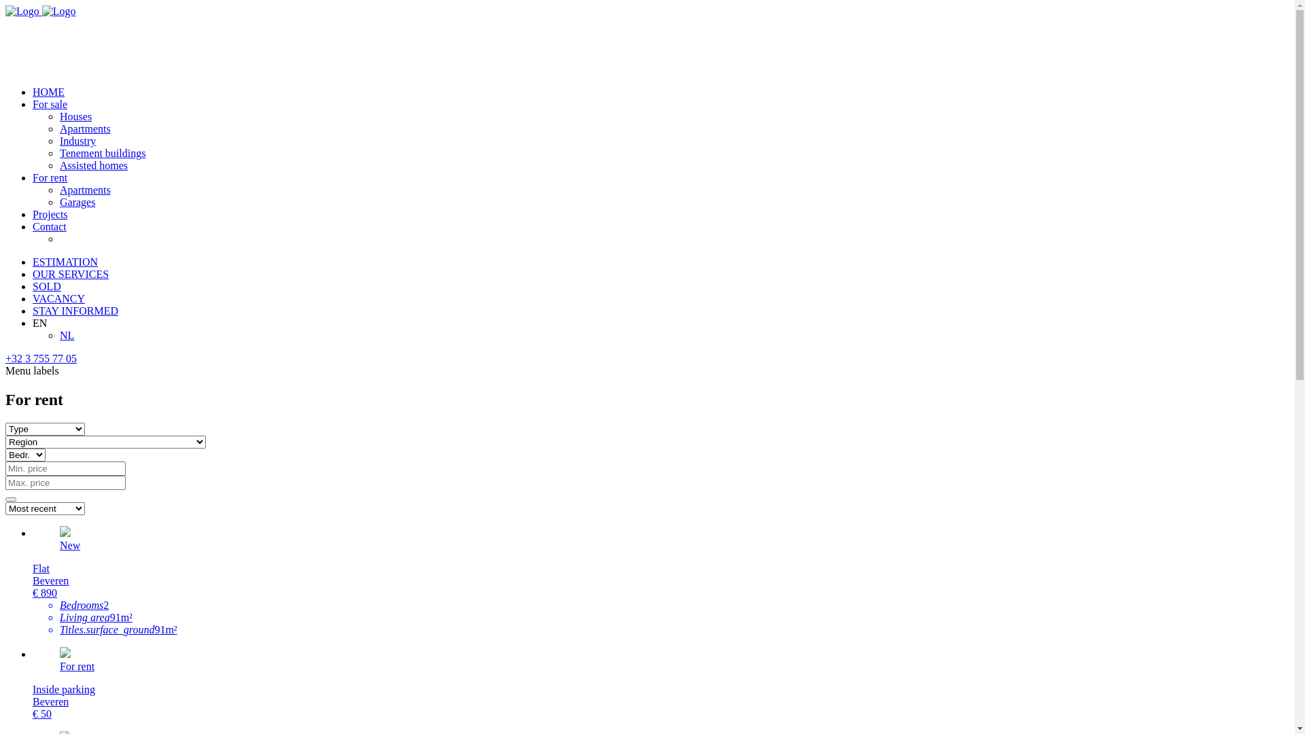 The image size is (1305, 734). What do you see at coordinates (93, 164) in the screenshot?
I see `'Assisted homes'` at bounding box center [93, 164].